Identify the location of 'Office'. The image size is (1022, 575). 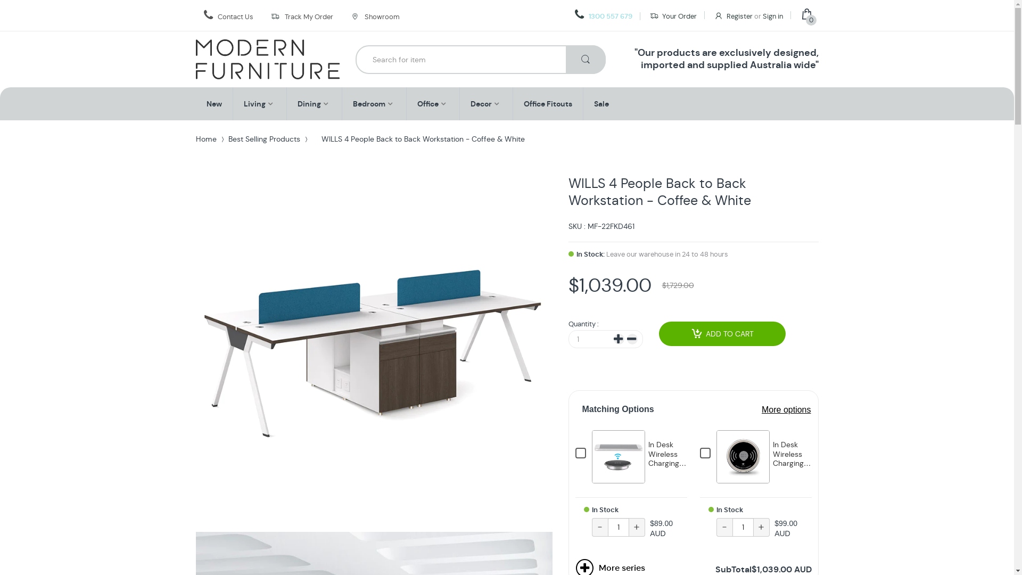
(427, 104).